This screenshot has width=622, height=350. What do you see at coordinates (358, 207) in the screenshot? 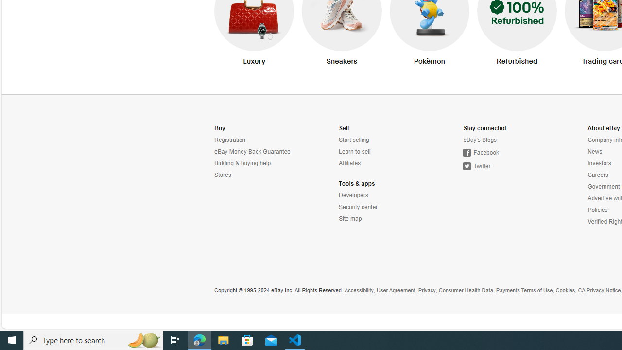
I see `'Security center'` at bounding box center [358, 207].